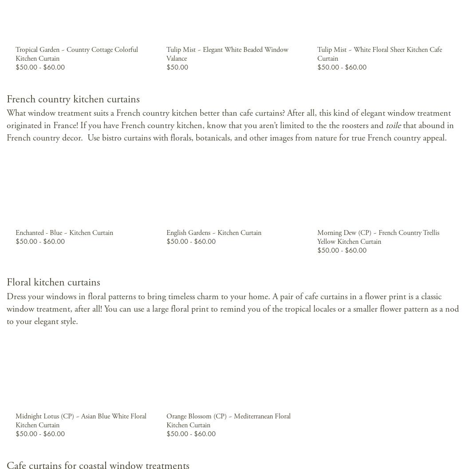 The height and width of the screenshot is (469, 466). I want to click on '$50.00', so click(177, 66).